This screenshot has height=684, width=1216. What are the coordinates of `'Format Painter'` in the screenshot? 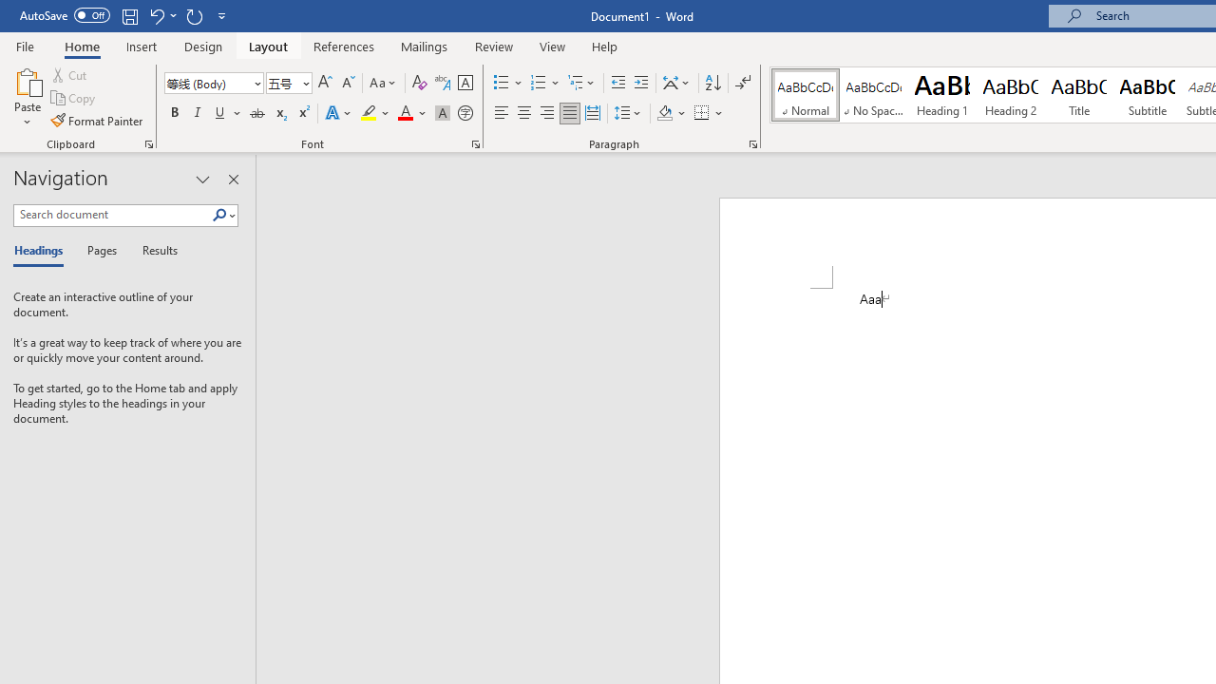 It's located at (97, 121).